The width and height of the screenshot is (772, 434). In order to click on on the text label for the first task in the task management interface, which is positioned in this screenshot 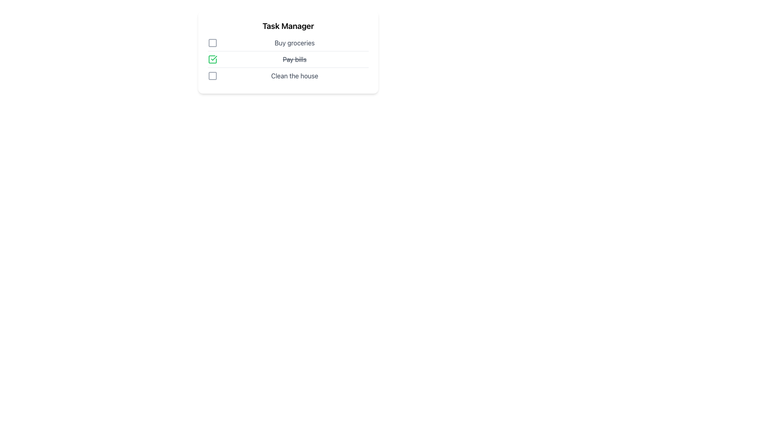, I will do `click(294, 43)`.